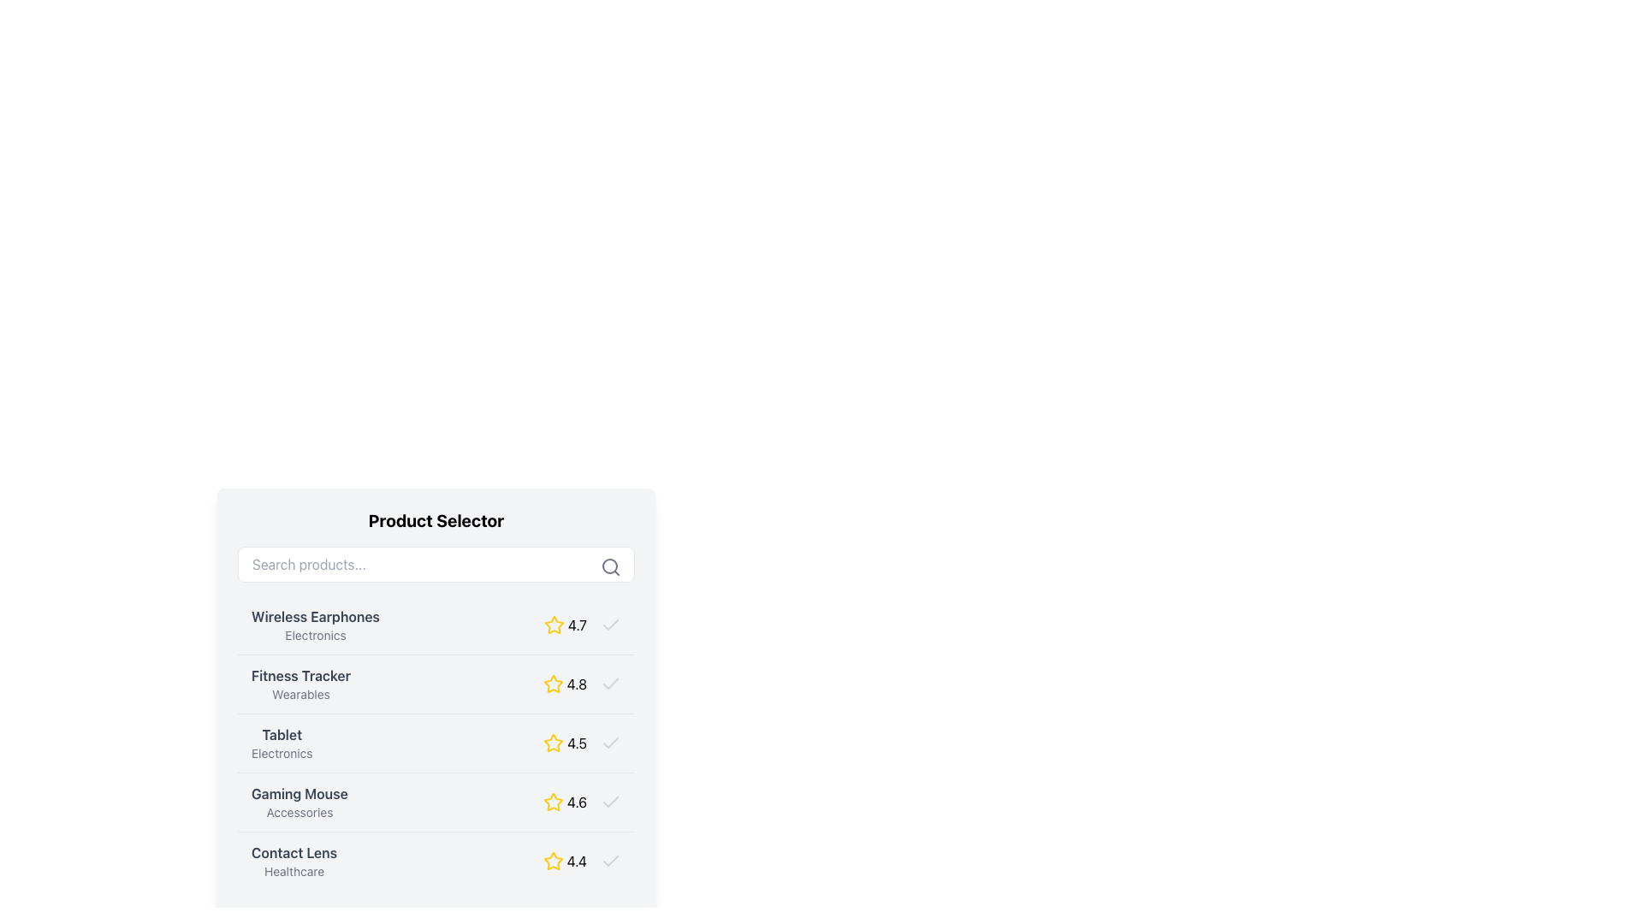 This screenshot has height=924, width=1643. What do you see at coordinates (300, 683) in the screenshot?
I see `the 'Fitness Tracker' list item label, which is the second item under the 'Product Selector' heading, featuring bold gray text and smaller light gray text` at bounding box center [300, 683].